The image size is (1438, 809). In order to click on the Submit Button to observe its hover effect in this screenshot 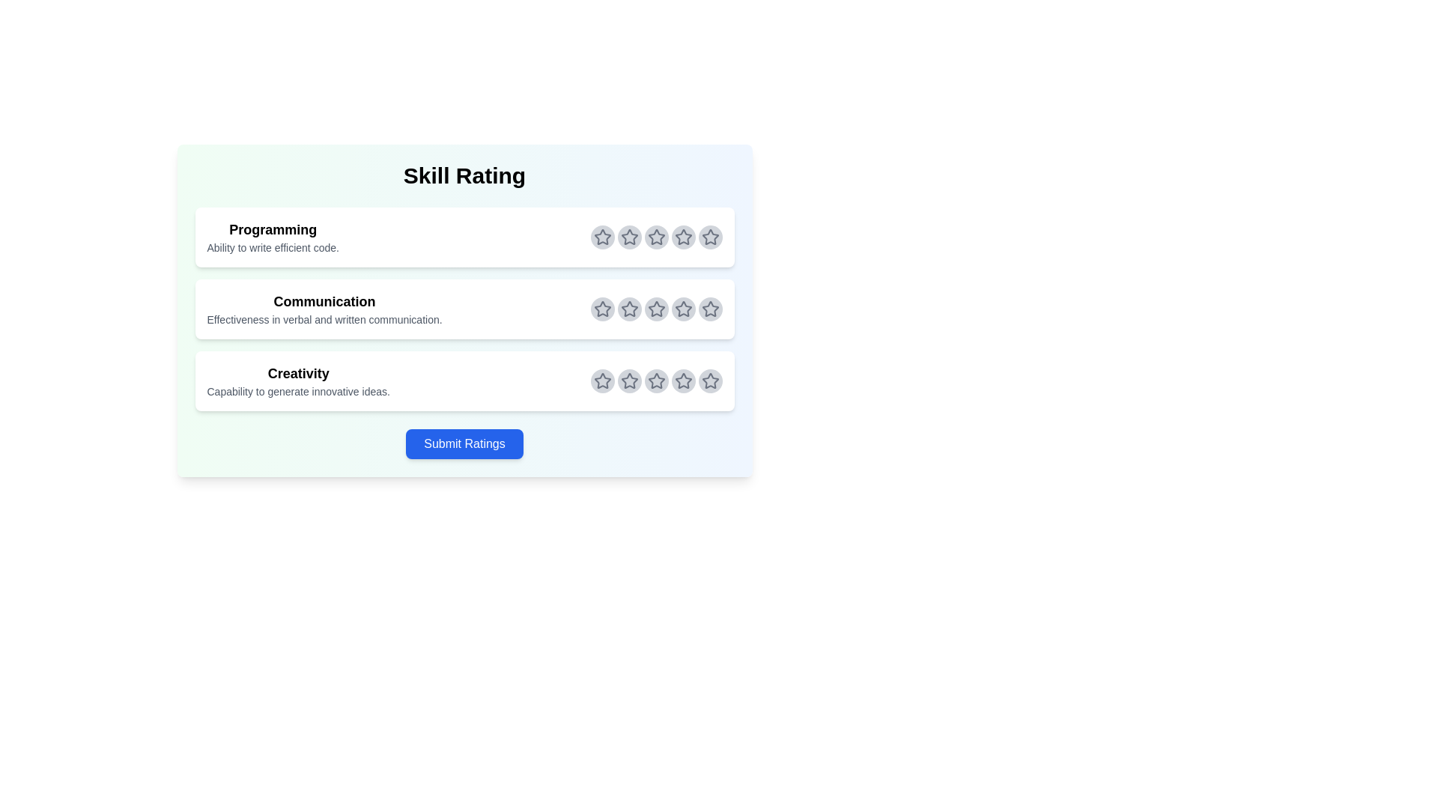, I will do `click(464, 443)`.